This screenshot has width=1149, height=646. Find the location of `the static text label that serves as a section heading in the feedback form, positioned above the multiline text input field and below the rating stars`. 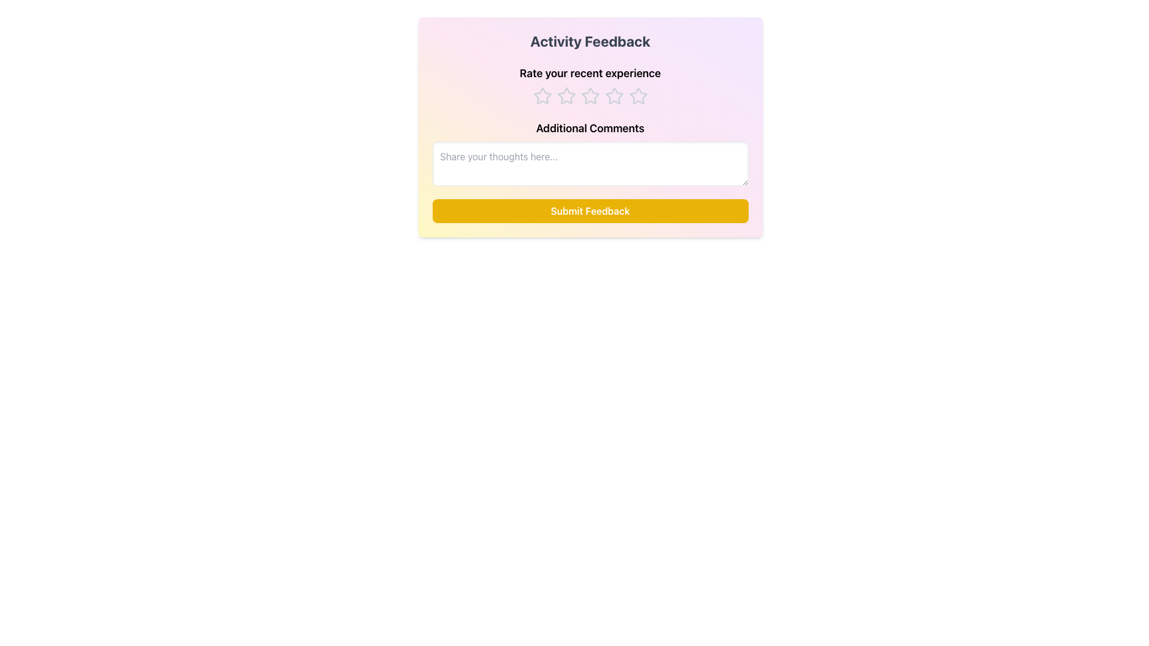

the static text label that serves as a section heading in the feedback form, positioned above the multiline text input field and below the rating stars is located at coordinates (590, 129).